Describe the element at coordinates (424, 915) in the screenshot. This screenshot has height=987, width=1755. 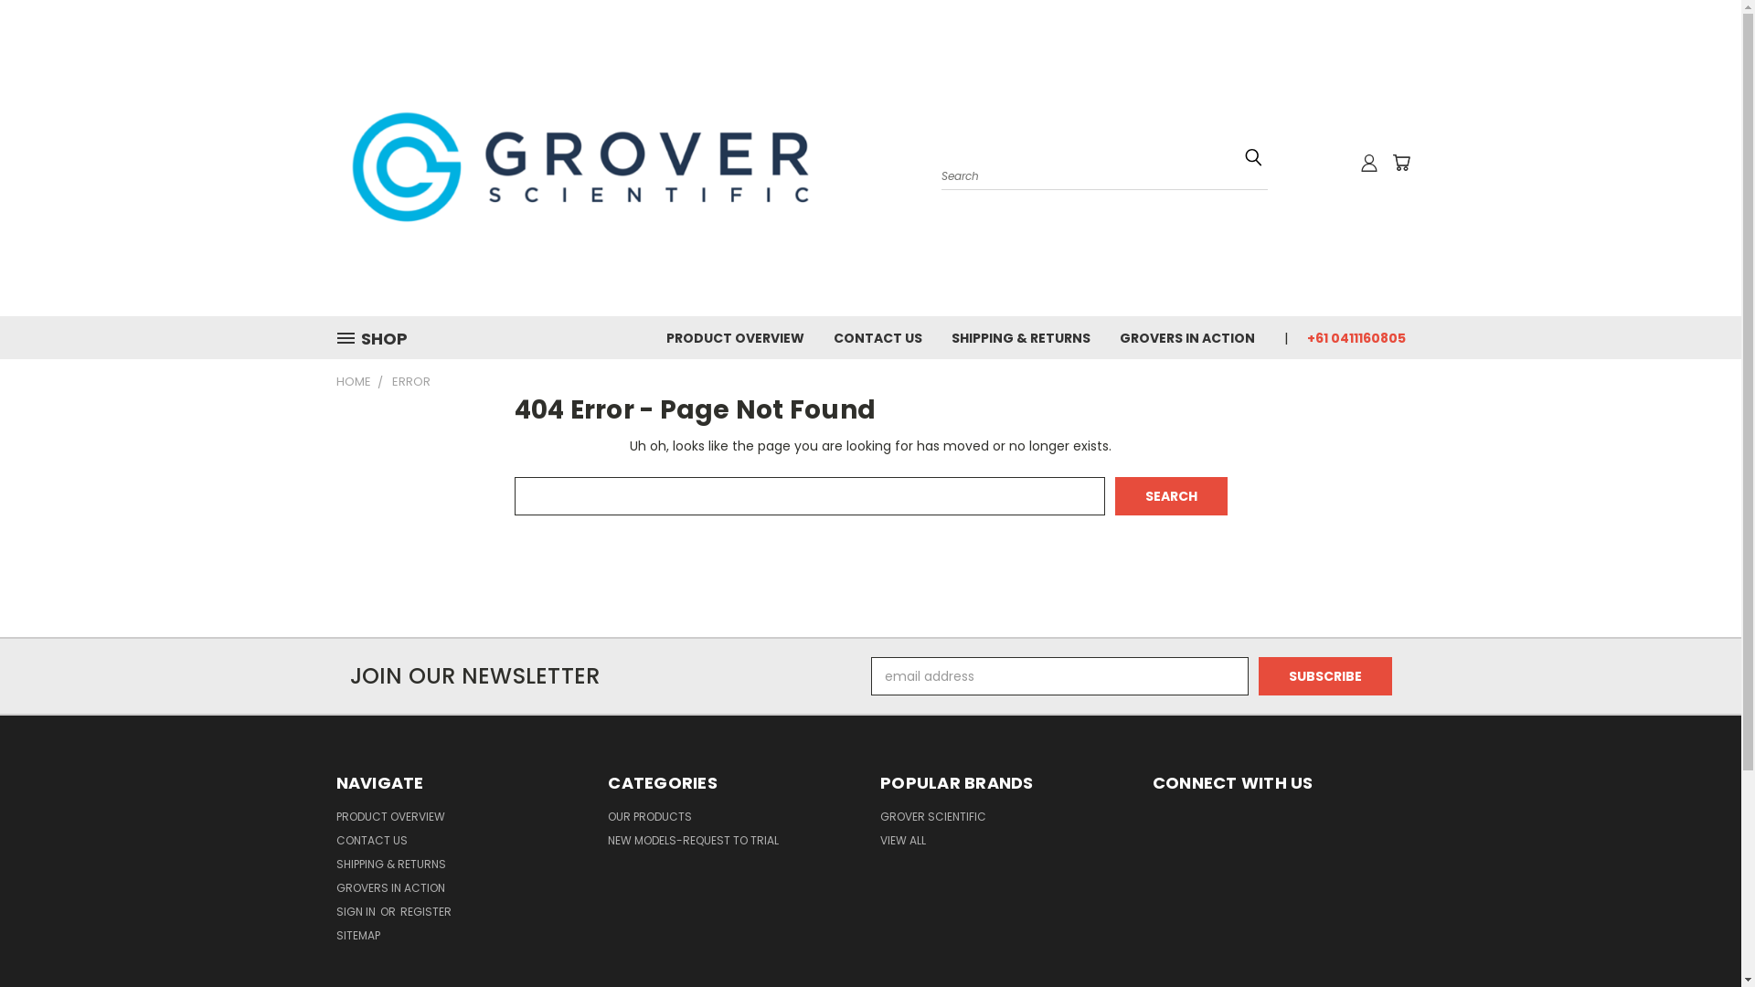
I see `'REGISTER'` at that location.